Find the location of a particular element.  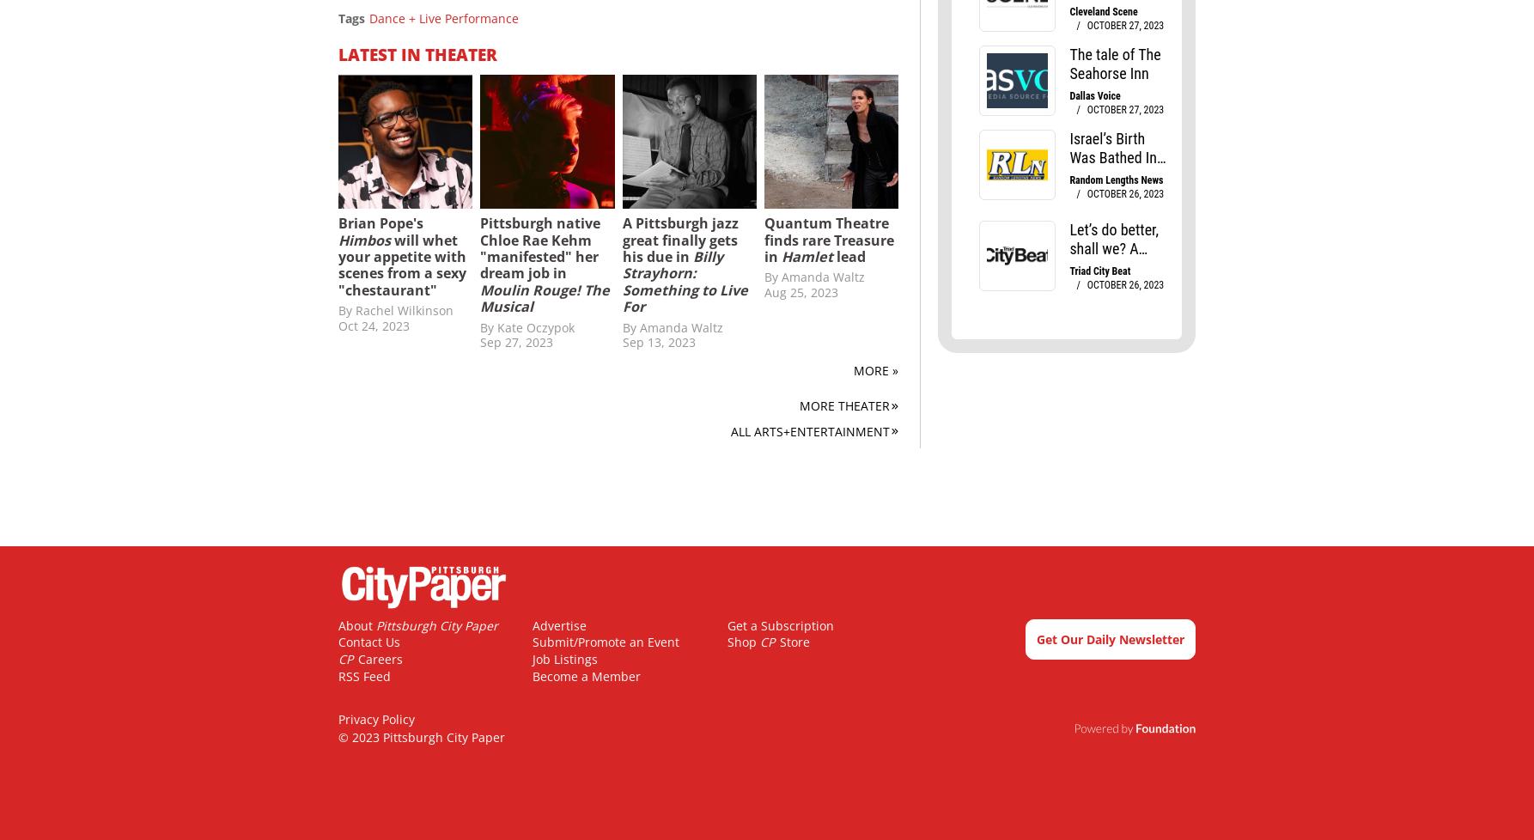

'Brian Pope's' is located at coordinates (380, 222).